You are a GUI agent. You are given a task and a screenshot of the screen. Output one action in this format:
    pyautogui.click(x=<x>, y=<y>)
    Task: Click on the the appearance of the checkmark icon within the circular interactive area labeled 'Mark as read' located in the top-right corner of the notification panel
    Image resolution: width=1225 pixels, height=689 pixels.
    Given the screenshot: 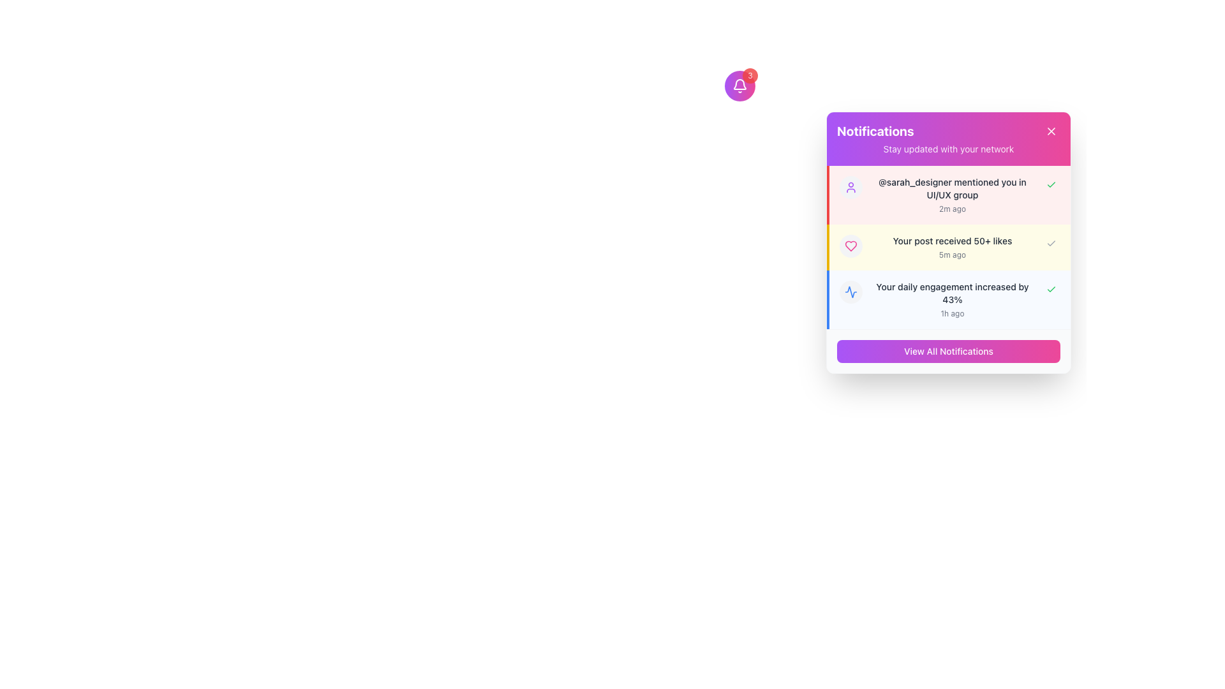 What is the action you would take?
    pyautogui.click(x=1051, y=184)
    